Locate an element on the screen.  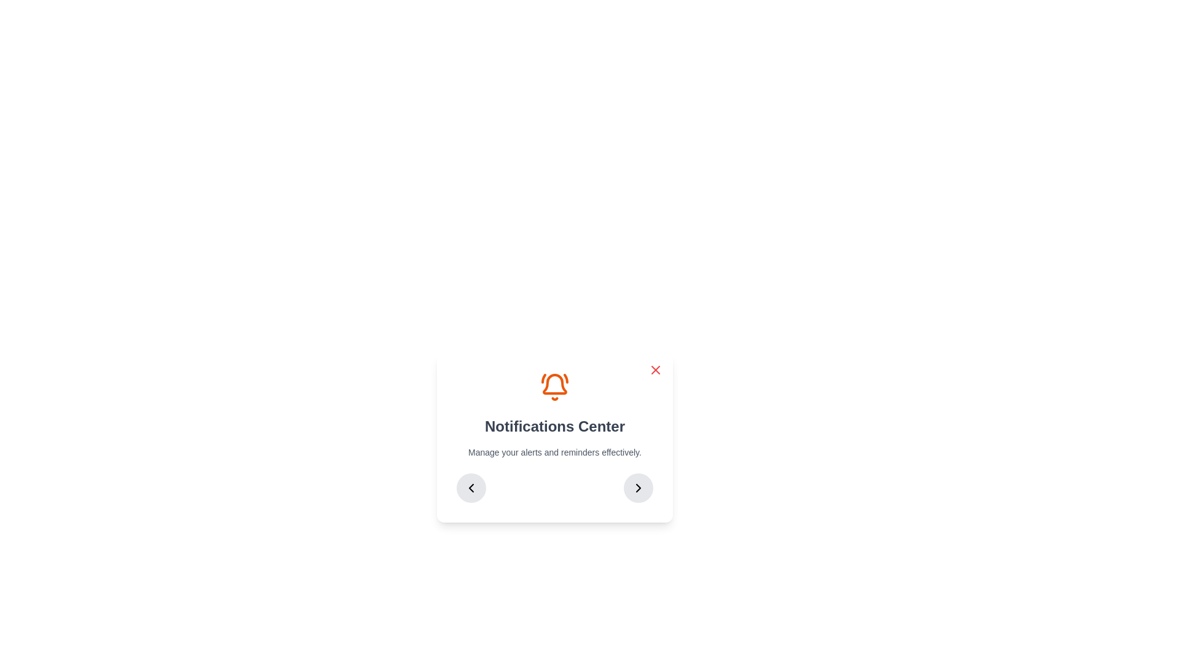
the chevron-right icon located in the center of the circular button at the bottom right corner of the notification card is located at coordinates (638, 488).